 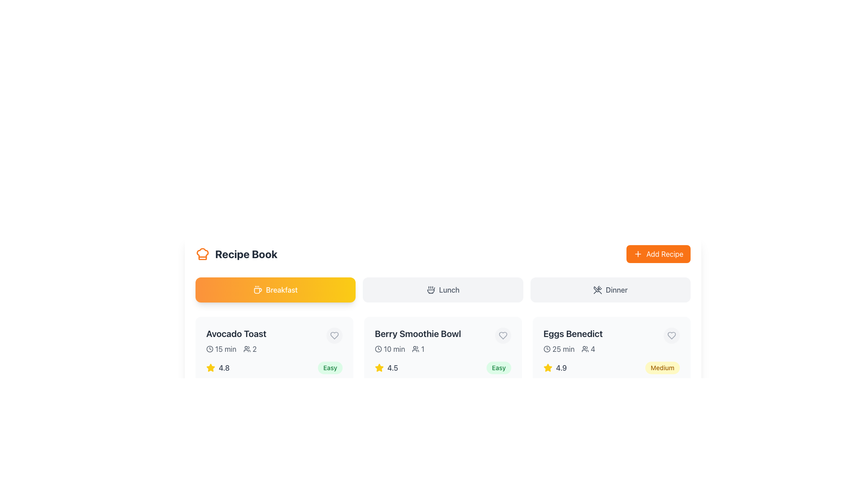 I want to click on the chef's hat icon with an orange border located beside the title 'Recipe Book' in the top left part of the interface, so click(x=202, y=254).